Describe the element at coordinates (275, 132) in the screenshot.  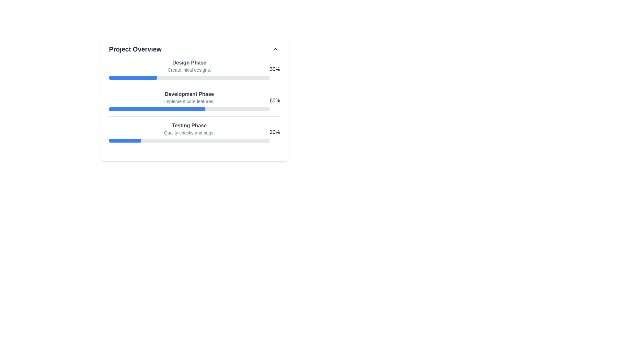
I see `the textual percentage indicator displaying '20%' which is aligned to the right of the 'Testing Phase' section in the 'Project Overview' interface` at that location.